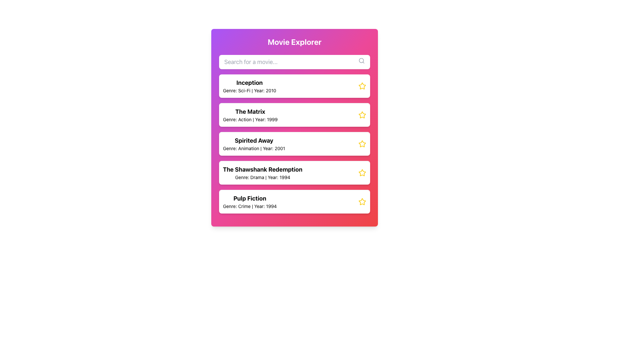 The image size is (625, 351). What do you see at coordinates (249, 201) in the screenshot?
I see `the fifth movie entry in the list, which contains the information about the movie 'Pulp Fiction'` at bounding box center [249, 201].